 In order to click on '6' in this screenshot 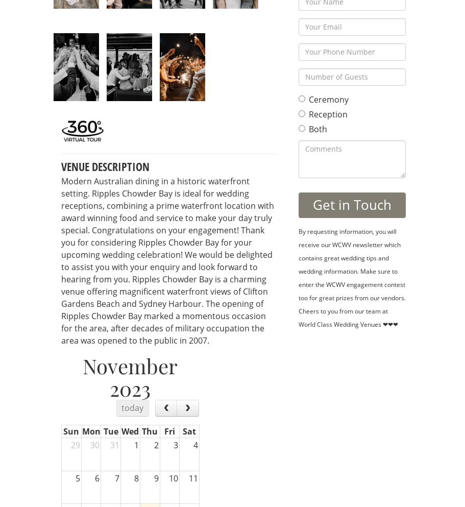, I will do `click(96, 477)`.